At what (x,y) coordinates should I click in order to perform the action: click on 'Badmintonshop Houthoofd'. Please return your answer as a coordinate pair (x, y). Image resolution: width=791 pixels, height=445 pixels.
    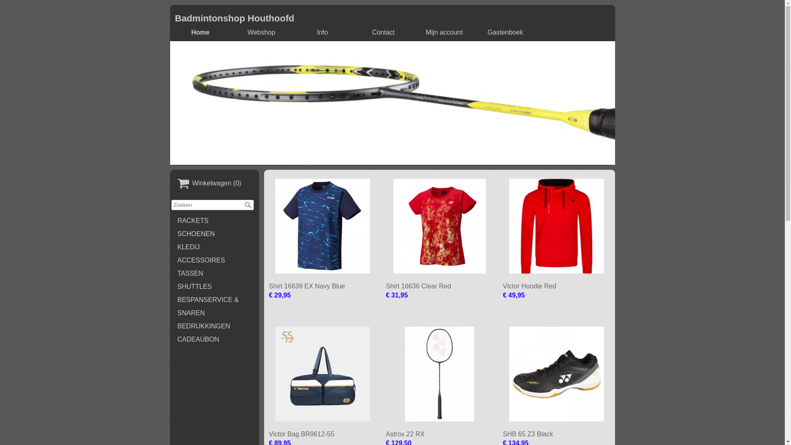
    Looking at the image, I should click on (234, 18).